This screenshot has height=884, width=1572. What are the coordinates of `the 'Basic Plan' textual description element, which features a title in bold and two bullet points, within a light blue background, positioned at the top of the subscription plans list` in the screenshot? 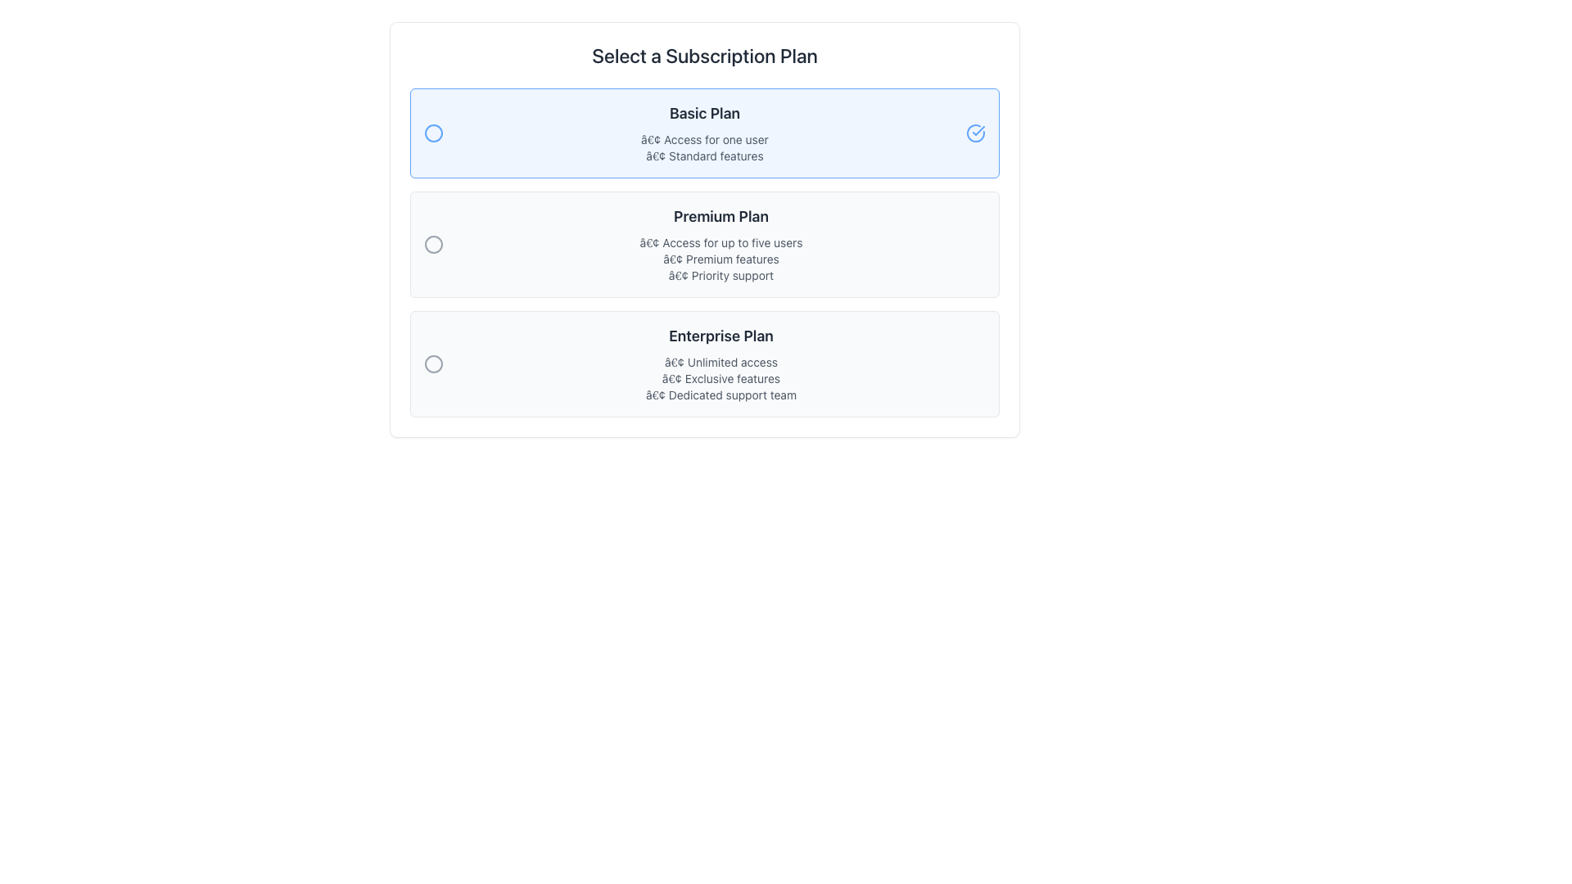 It's located at (704, 132).